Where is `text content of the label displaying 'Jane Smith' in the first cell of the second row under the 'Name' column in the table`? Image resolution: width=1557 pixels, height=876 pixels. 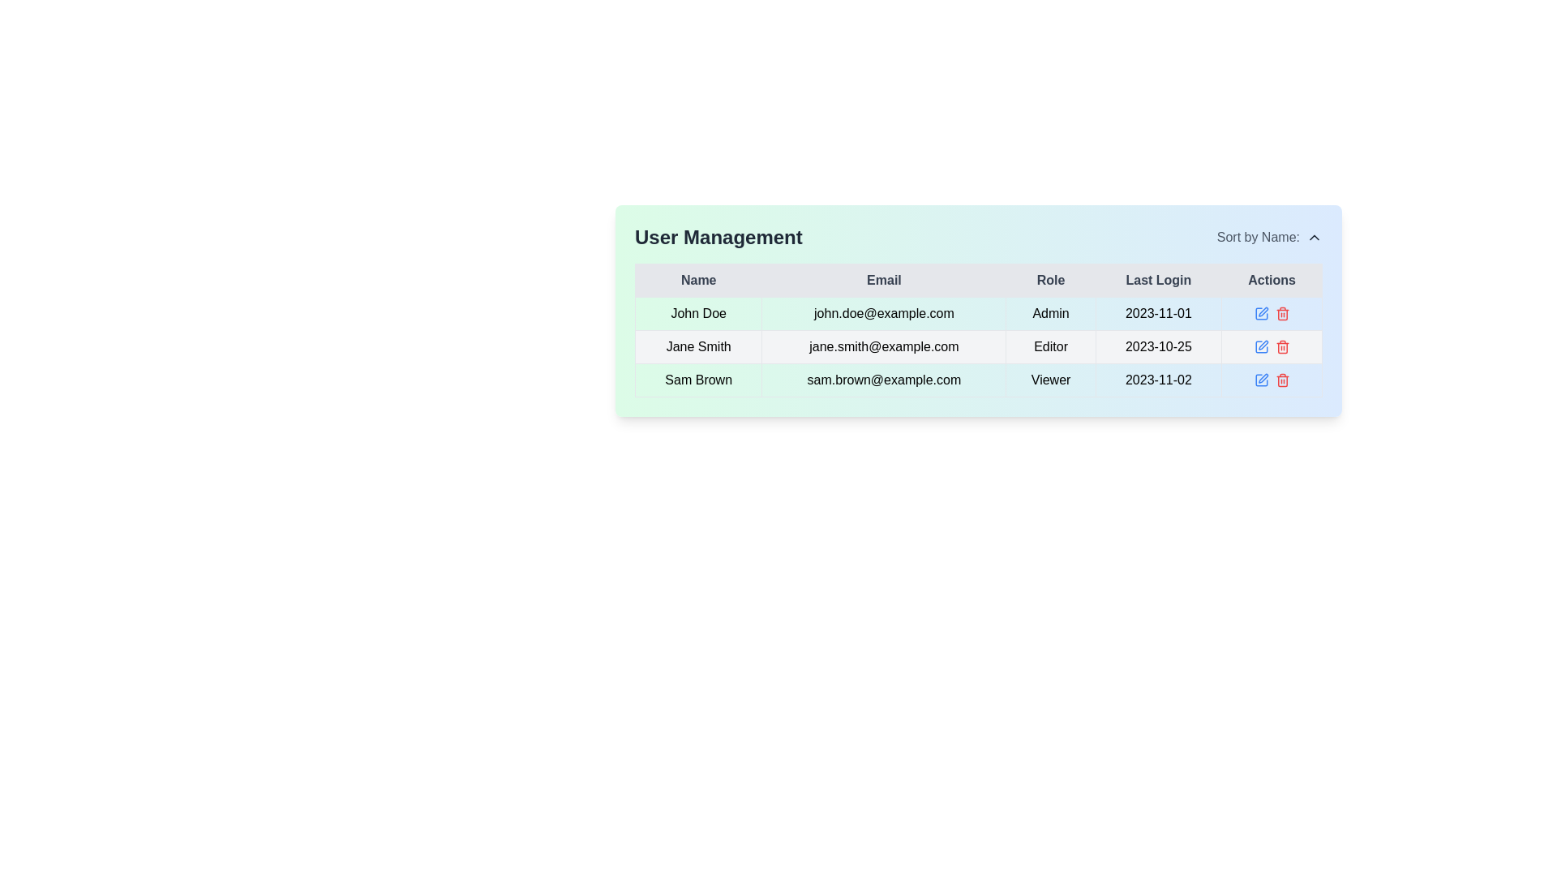 text content of the label displaying 'Jane Smith' in the first cell of the second row under the 'Name' column in the table is located at coordinates (698, 346).